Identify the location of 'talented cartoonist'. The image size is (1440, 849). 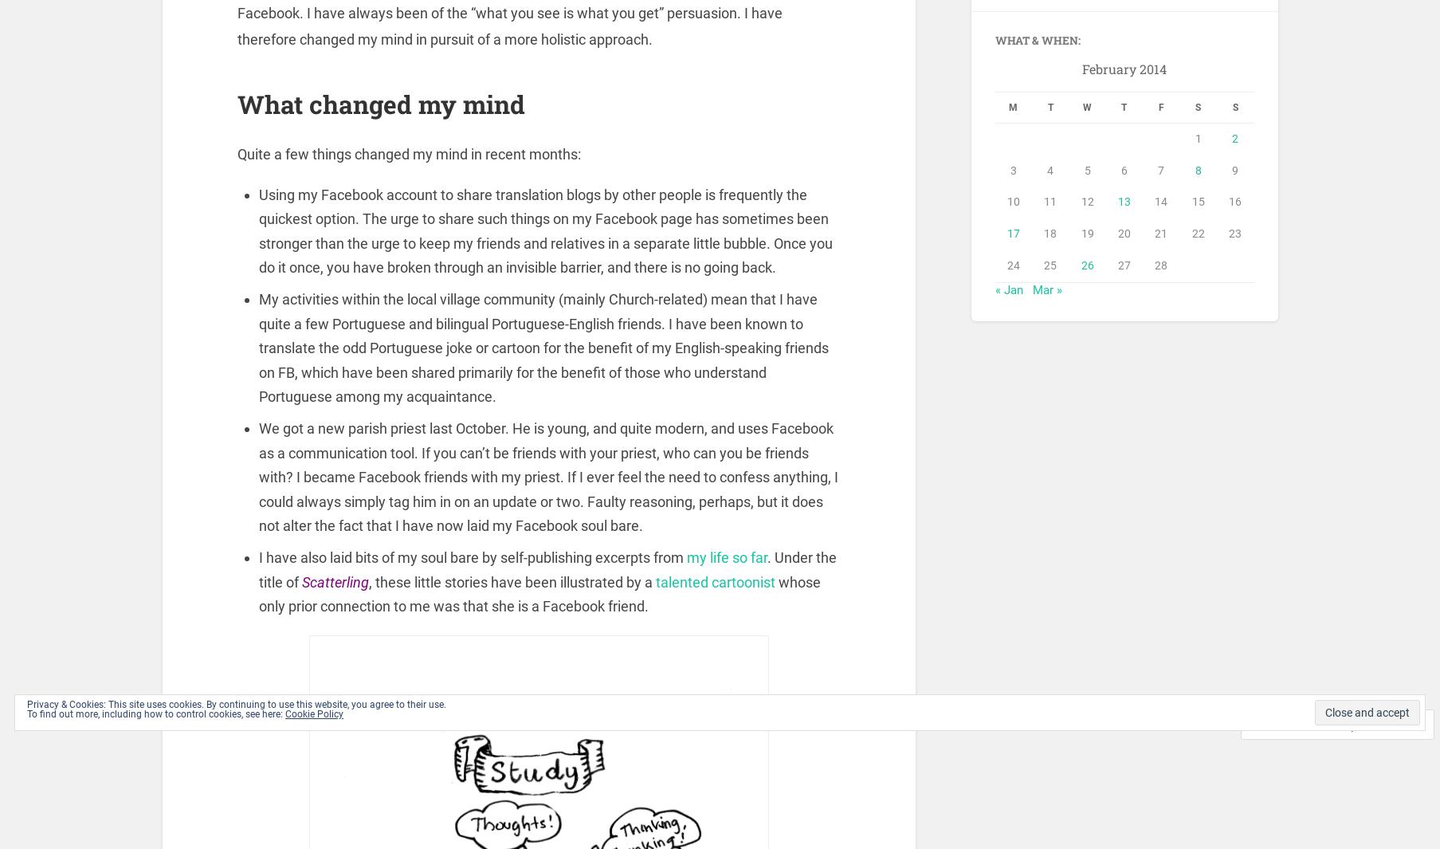
(716, 584).